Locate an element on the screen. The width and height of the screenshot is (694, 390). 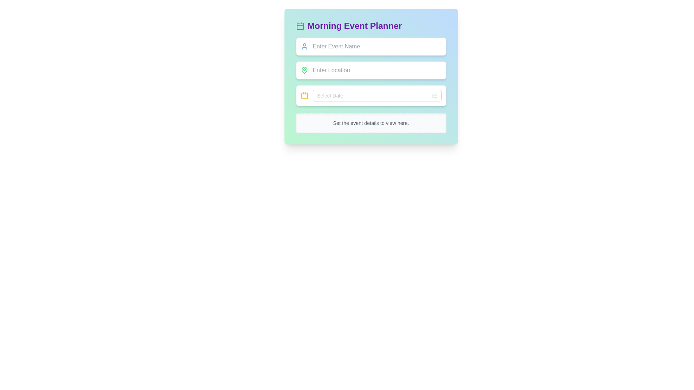
the decorative icon that symbolizes the location input field, positioned to the left of the input text area in the second input field labeled 'Enter Location' is located at coordinates (304, 70).